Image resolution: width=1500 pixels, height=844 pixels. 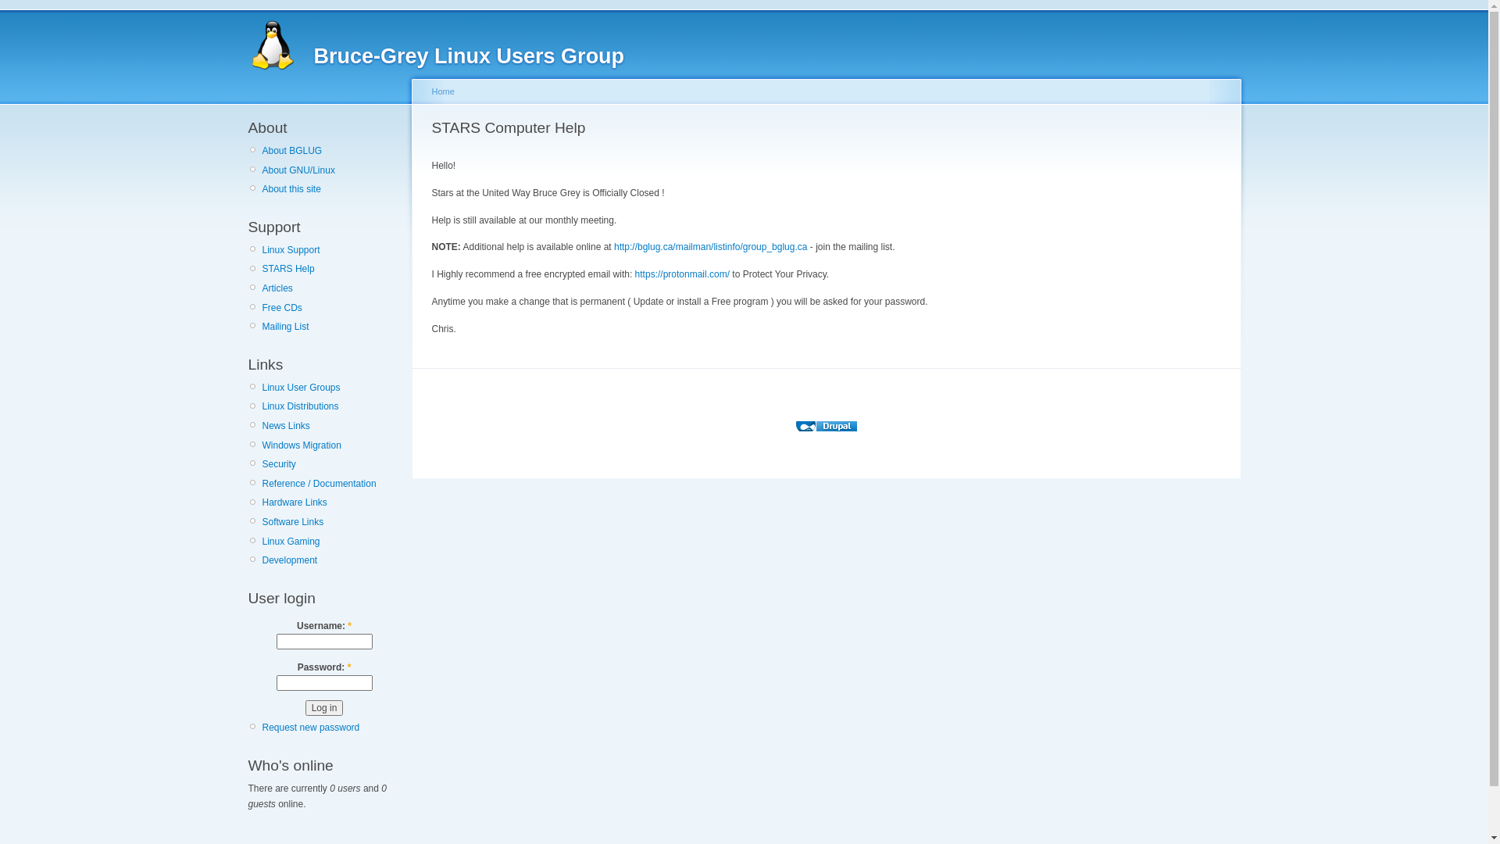 What do you see at coordinates (330, 325) in the screenshot?
I see `'Mailing List'` at bounding box center [330, 325].